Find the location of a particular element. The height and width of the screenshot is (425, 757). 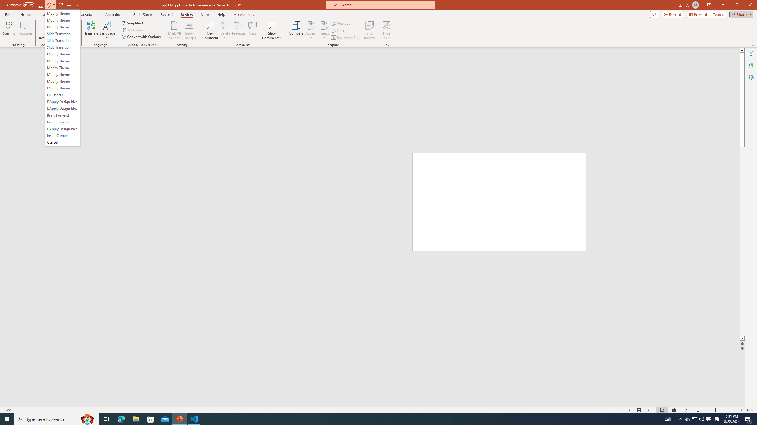

'Microsoft Edge' is located at coordinates (121, 419).